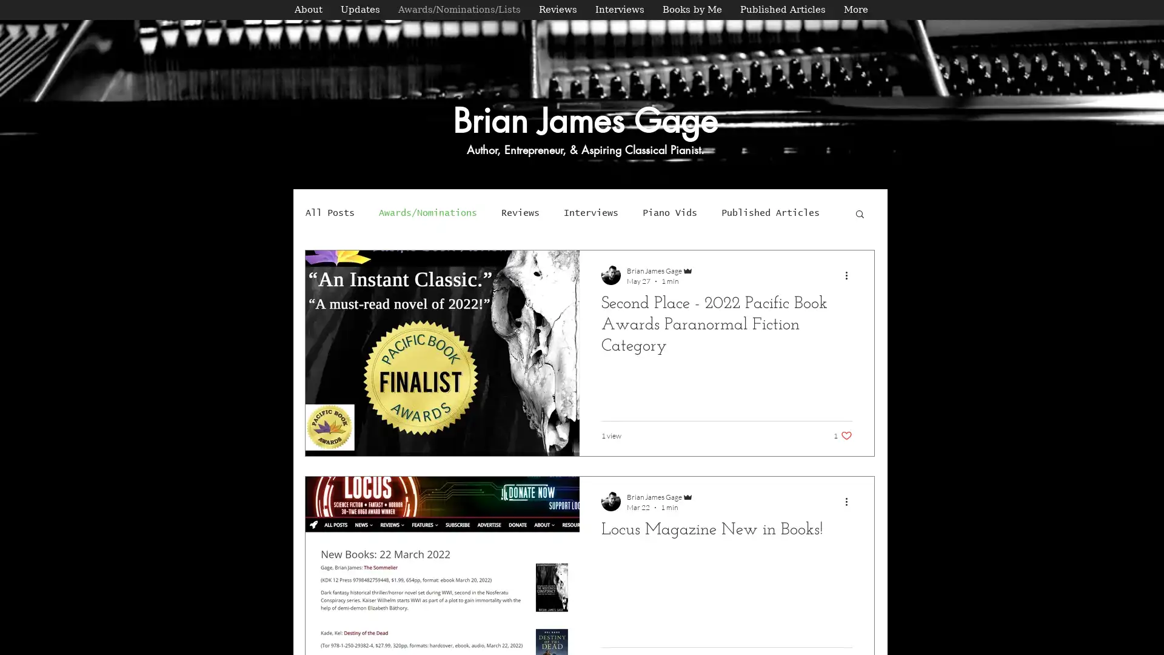 The image size is (1164, 655). Describe the element at coordinates (427, 212) in the screenshot. I see `Awards/Nominations` at that location.